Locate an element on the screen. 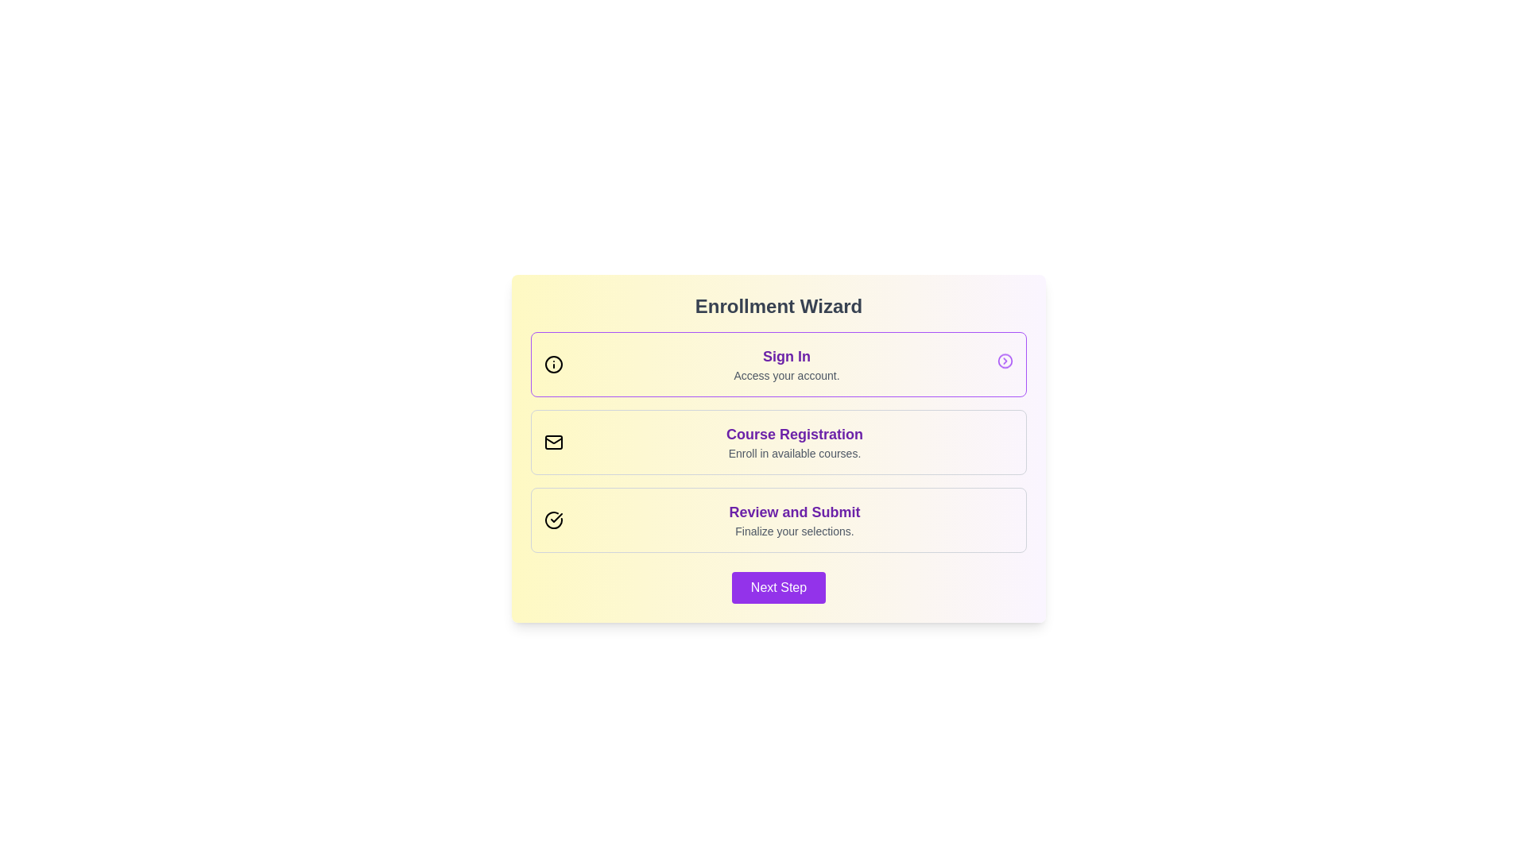 The width and height of the screenshot is (1526, 858). the 'Proceed' button located below the 'Review and Submit' section in the 'Enrollment Wizard' interface to change its color is located at coordinates (778, 588).